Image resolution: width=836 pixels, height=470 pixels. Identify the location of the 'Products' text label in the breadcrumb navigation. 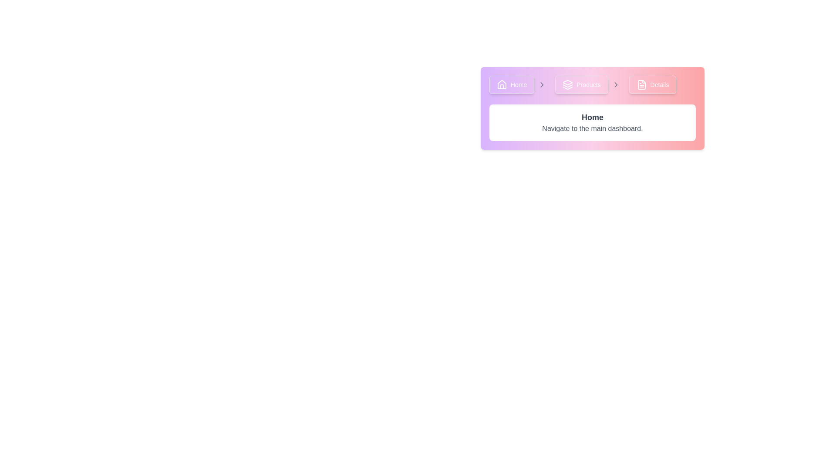
(589, 85).